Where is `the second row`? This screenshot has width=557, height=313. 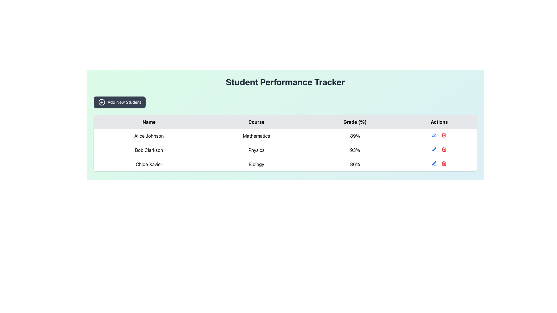
the second row is located at coordinates (285, 150).